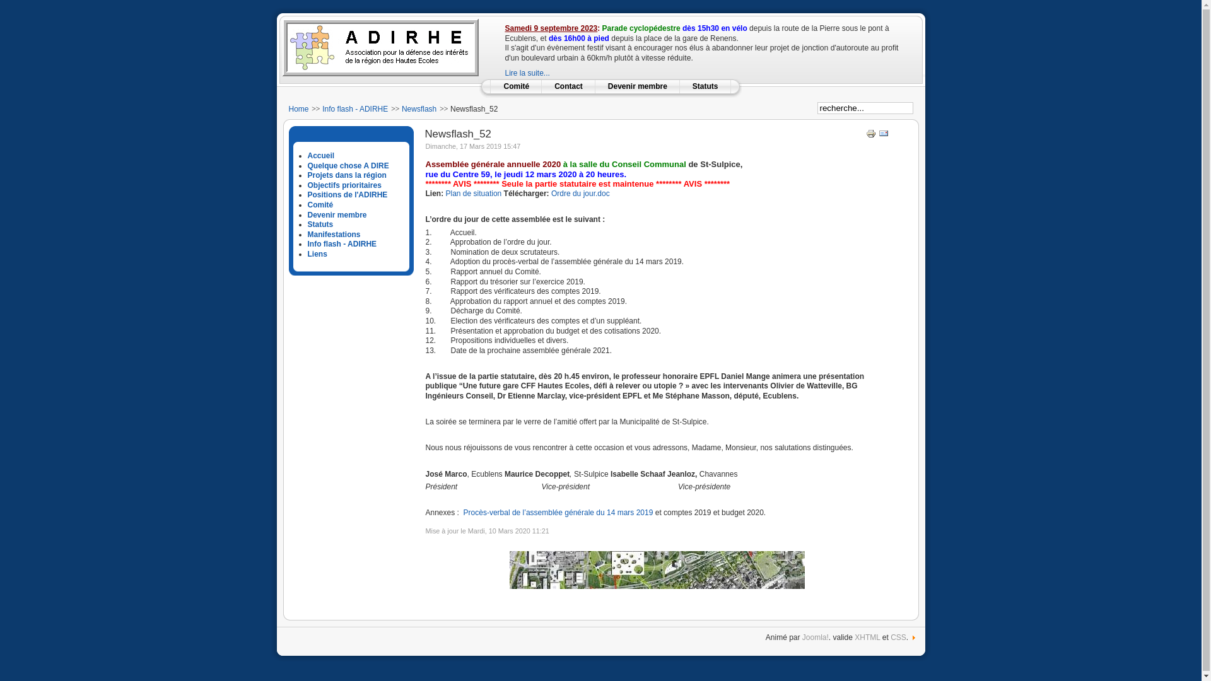 The width and height of the screenshot is (1211, 681). Describe the element at coordinates (815, 637) in the screenshot. I see `'Joomla!'` at that location.